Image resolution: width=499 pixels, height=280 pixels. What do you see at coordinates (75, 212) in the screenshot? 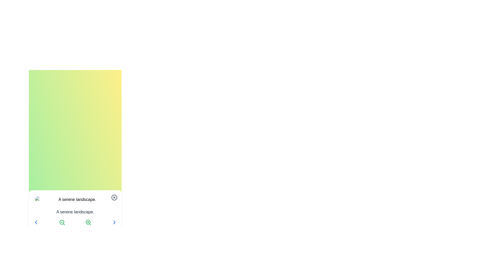
I see `the text label that reads 'A serene landscape.' which is styled in medium-weight font and grayish hue, located towards the bottom of the card-like section` at bounding box center [75, 212].